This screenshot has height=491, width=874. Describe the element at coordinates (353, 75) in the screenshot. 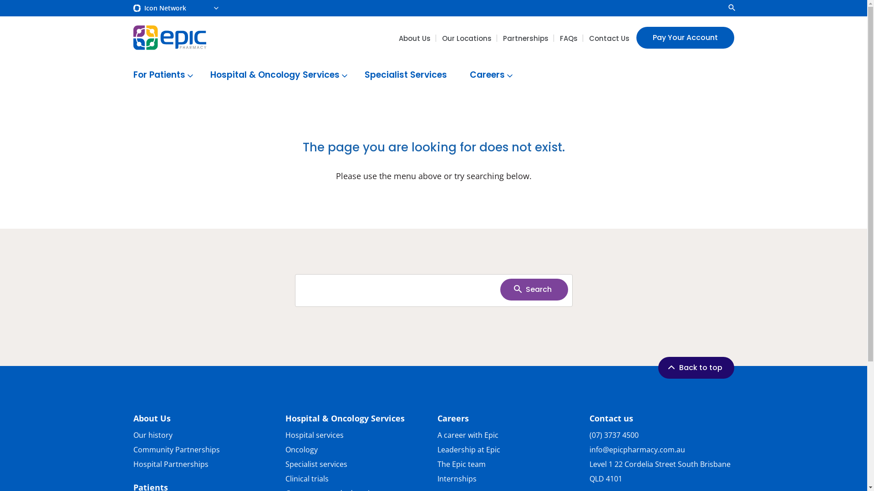

I see `'Specialist Services'` at that location.